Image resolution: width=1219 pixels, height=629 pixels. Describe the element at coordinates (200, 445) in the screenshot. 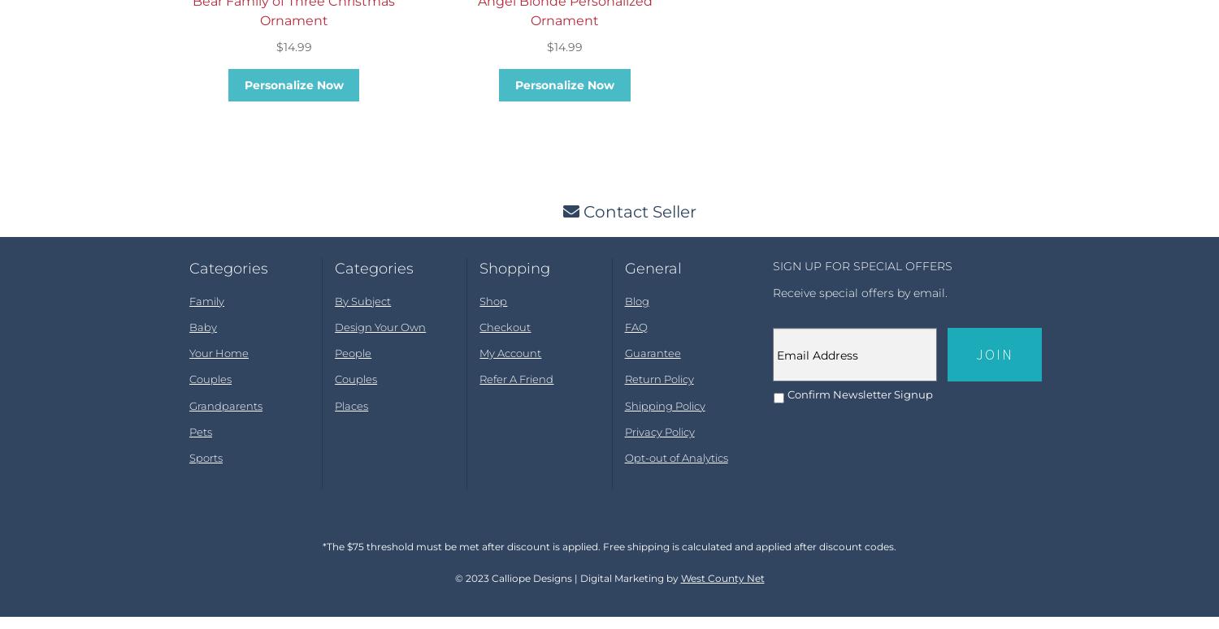

I see `'Pets'` at that location.